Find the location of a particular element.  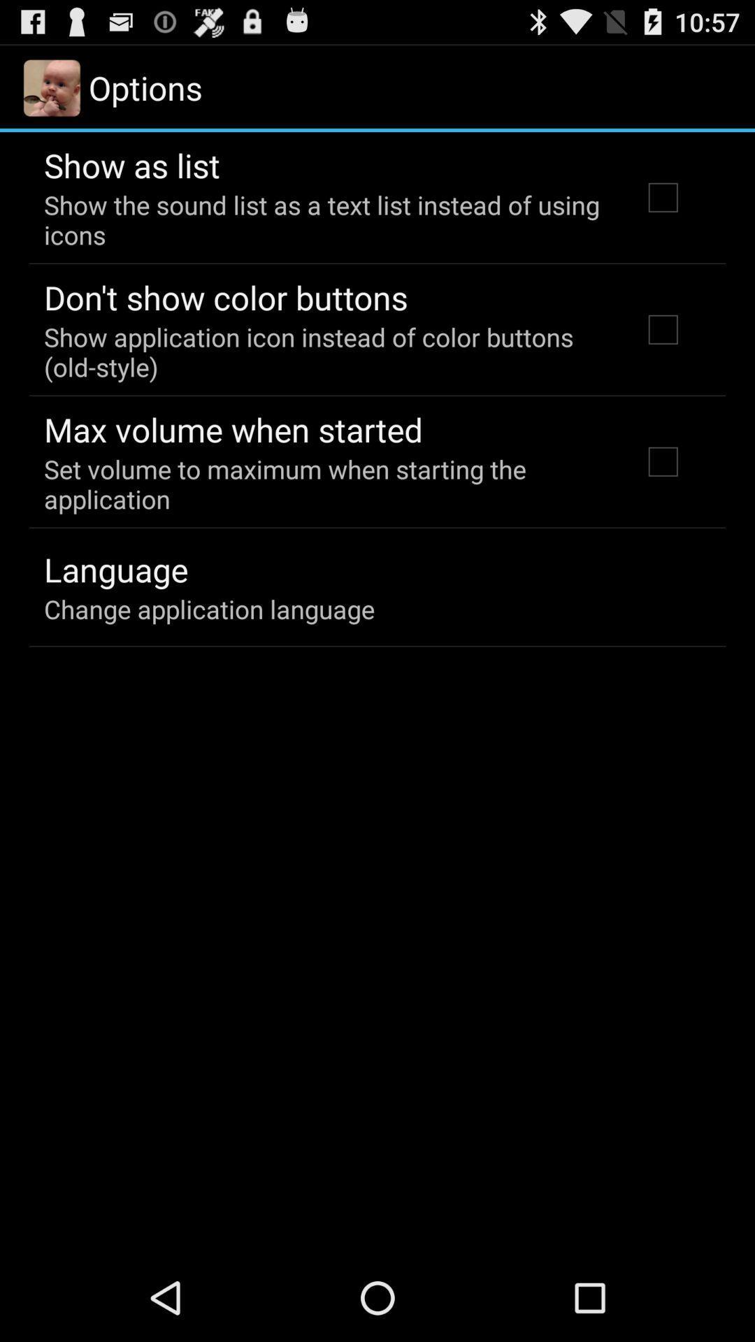

the don t show app is located at coordinates (225, 296).